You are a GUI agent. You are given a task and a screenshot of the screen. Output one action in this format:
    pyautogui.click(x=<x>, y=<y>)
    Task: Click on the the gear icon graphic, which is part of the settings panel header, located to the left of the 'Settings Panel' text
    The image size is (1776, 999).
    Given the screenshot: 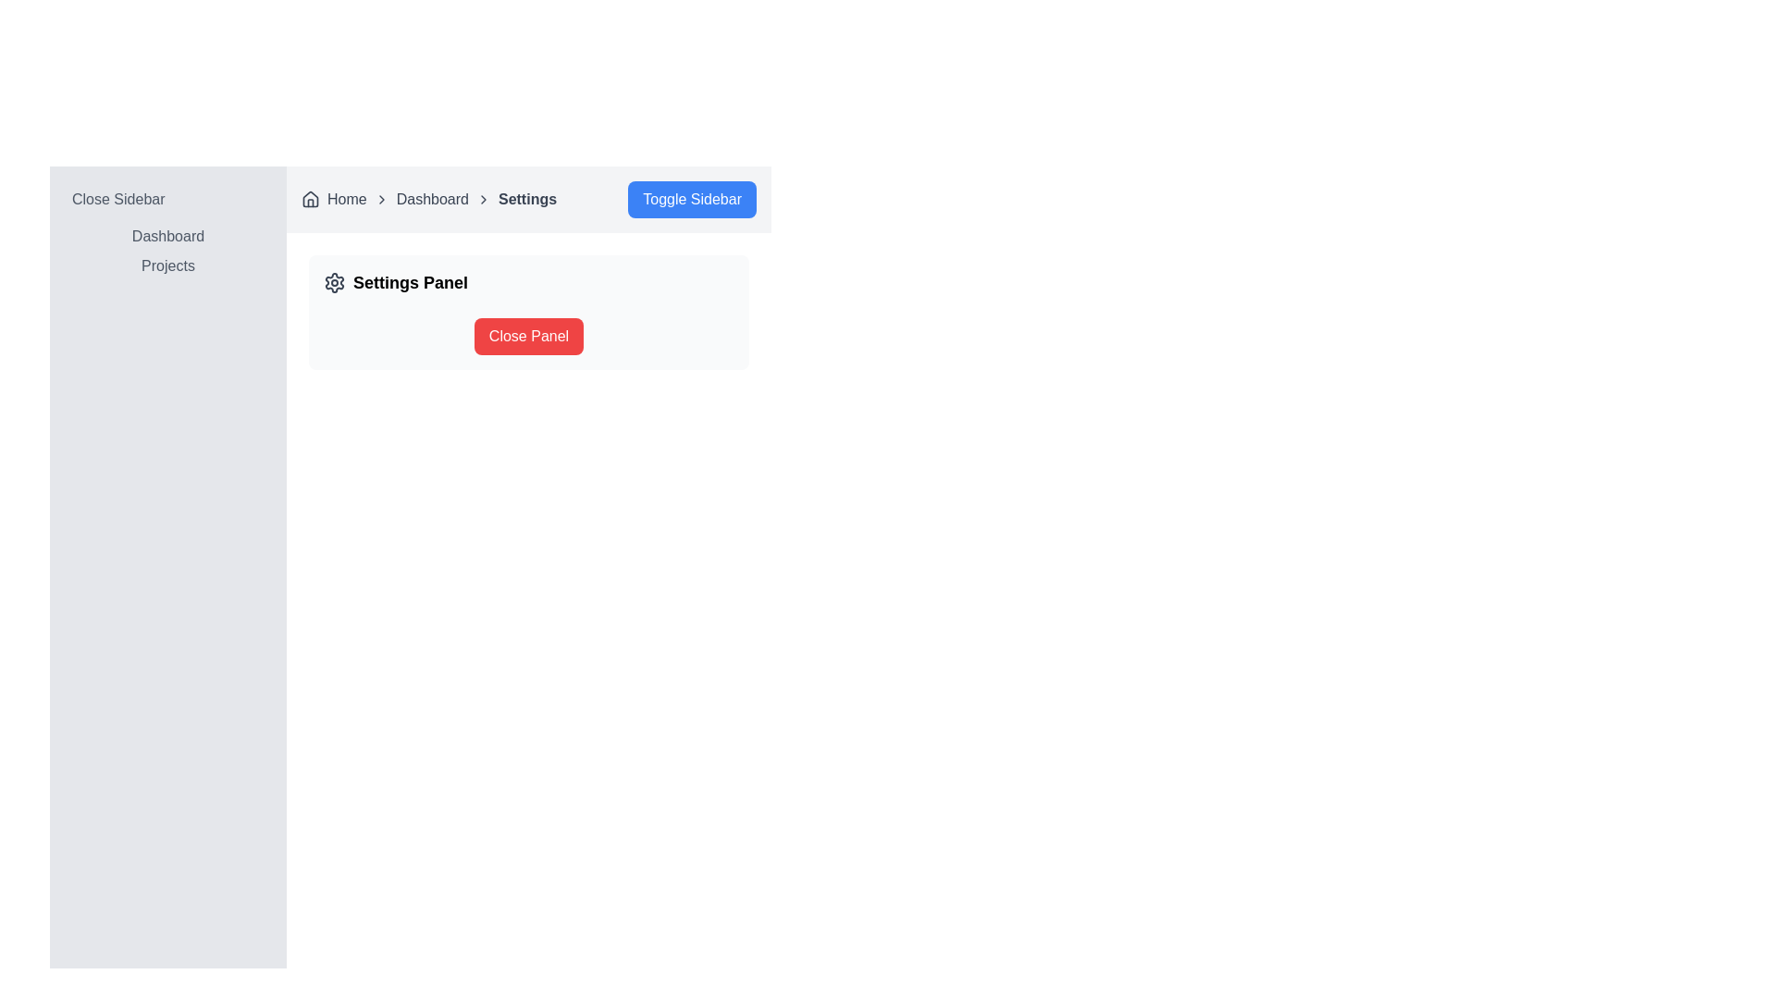 What is the action you would take?
    pyautogui.click(x=334, y=282)
    